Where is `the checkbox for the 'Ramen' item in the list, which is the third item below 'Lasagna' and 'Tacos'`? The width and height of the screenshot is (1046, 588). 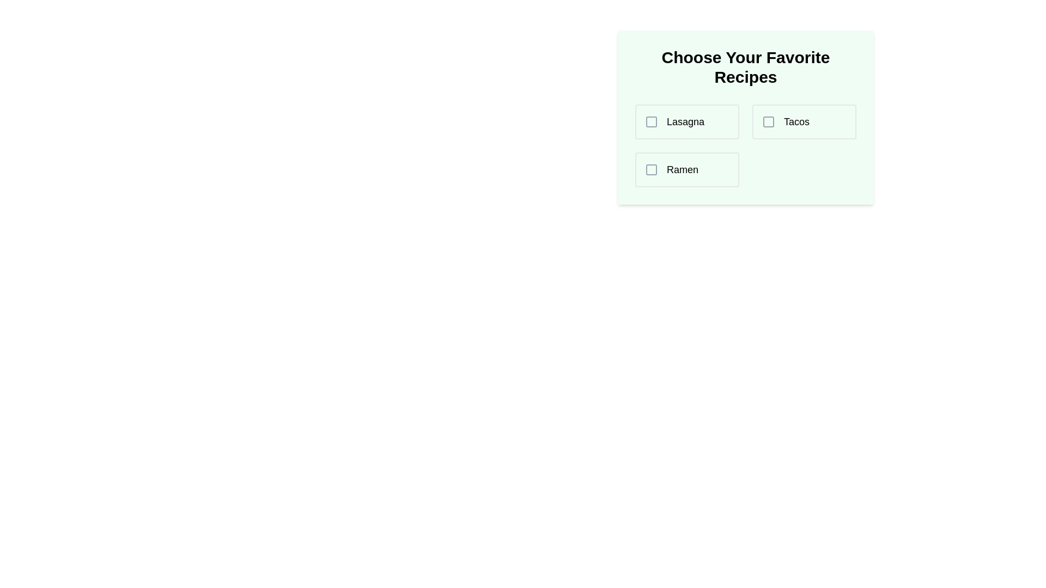
the checkbox for the 'Ramen' item in the list, which is the third item below 'Lasagna' and 'Tacos' is located at coordinates (686, 170).